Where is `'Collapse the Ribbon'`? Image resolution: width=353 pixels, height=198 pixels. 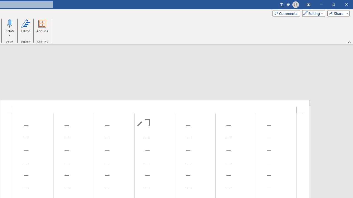
'Collapse the Ribbon' is located at coordinates (349, 42).